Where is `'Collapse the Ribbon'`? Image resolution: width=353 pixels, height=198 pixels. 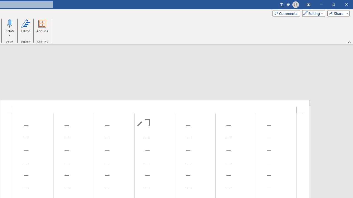
'Collapse the Ribbon' is located at coordinates (349, 42).